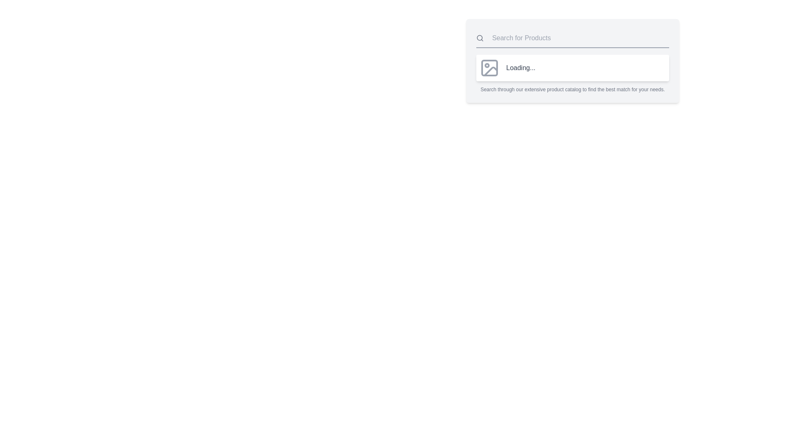 The width and height of the screenshot is (798, 448). Describe the element at coordinates (489, 68) in the screenshot. I see `the SVG rectangle that serves as a decorative element in the loading indicator near the search input box` at that location.